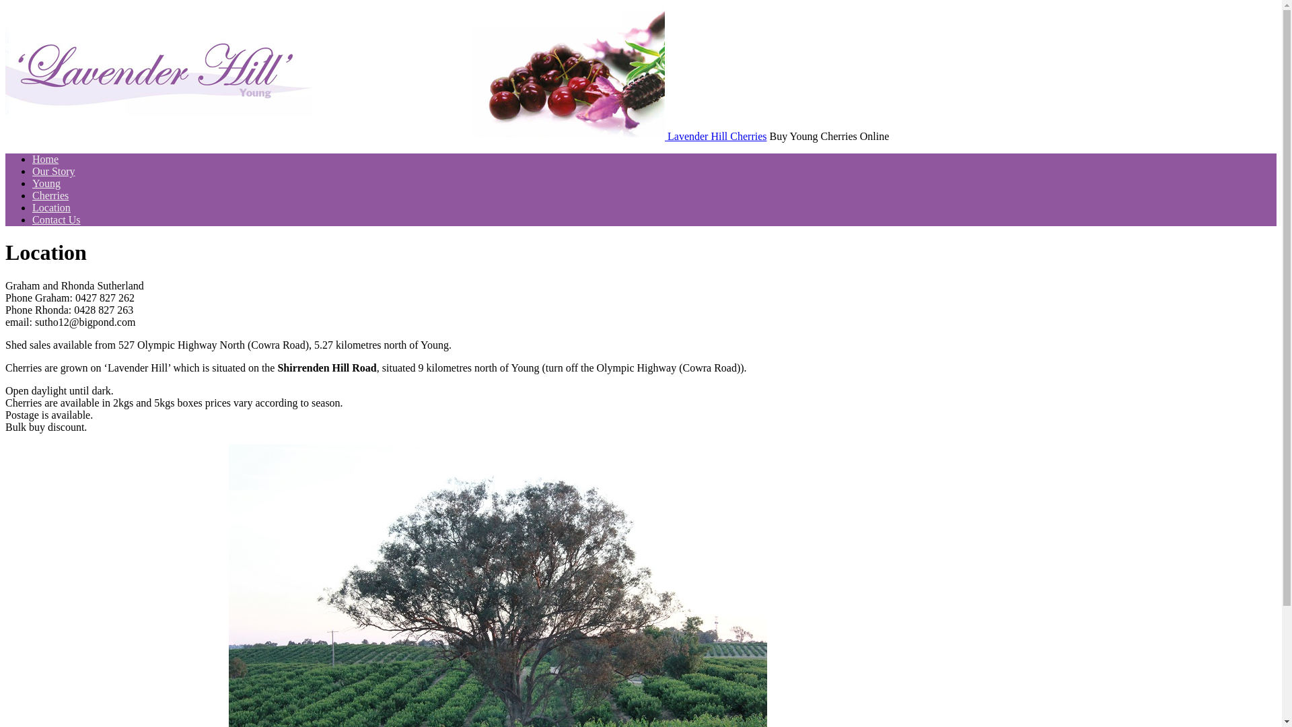 The height and width of the screenshot is (727, 1292). Describe the element at coordinates (5, 136) in the screenshot. I see `'Buy Young Cherries Online'` at that location.